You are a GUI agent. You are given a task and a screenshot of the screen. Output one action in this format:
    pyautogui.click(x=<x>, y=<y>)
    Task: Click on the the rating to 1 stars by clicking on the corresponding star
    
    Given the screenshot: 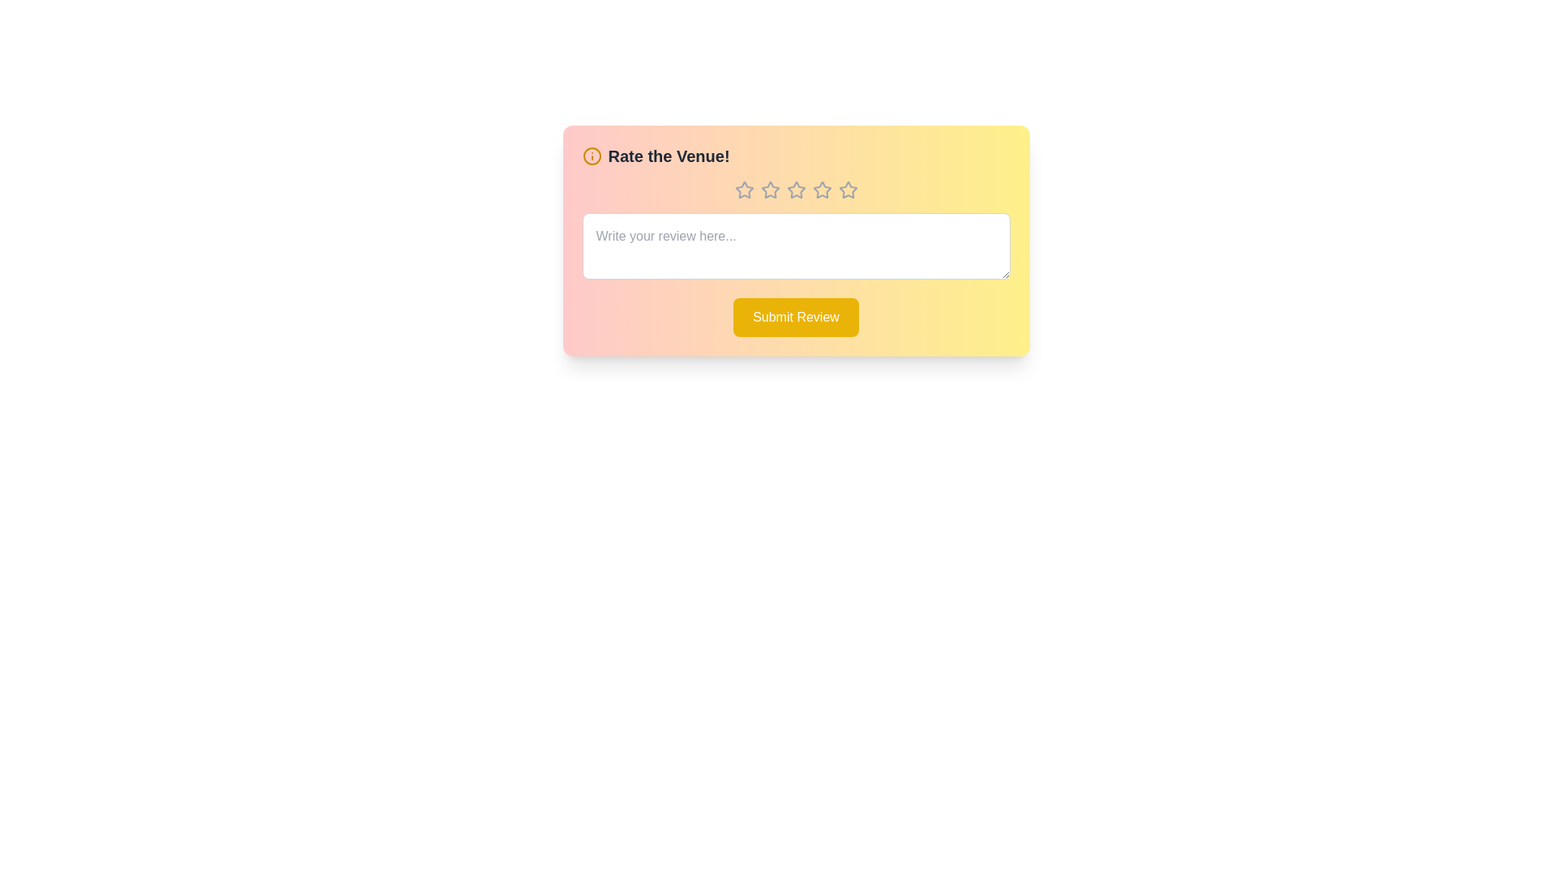 What is the action you would take?
    pyautogui.click(x=743, y=190)
    